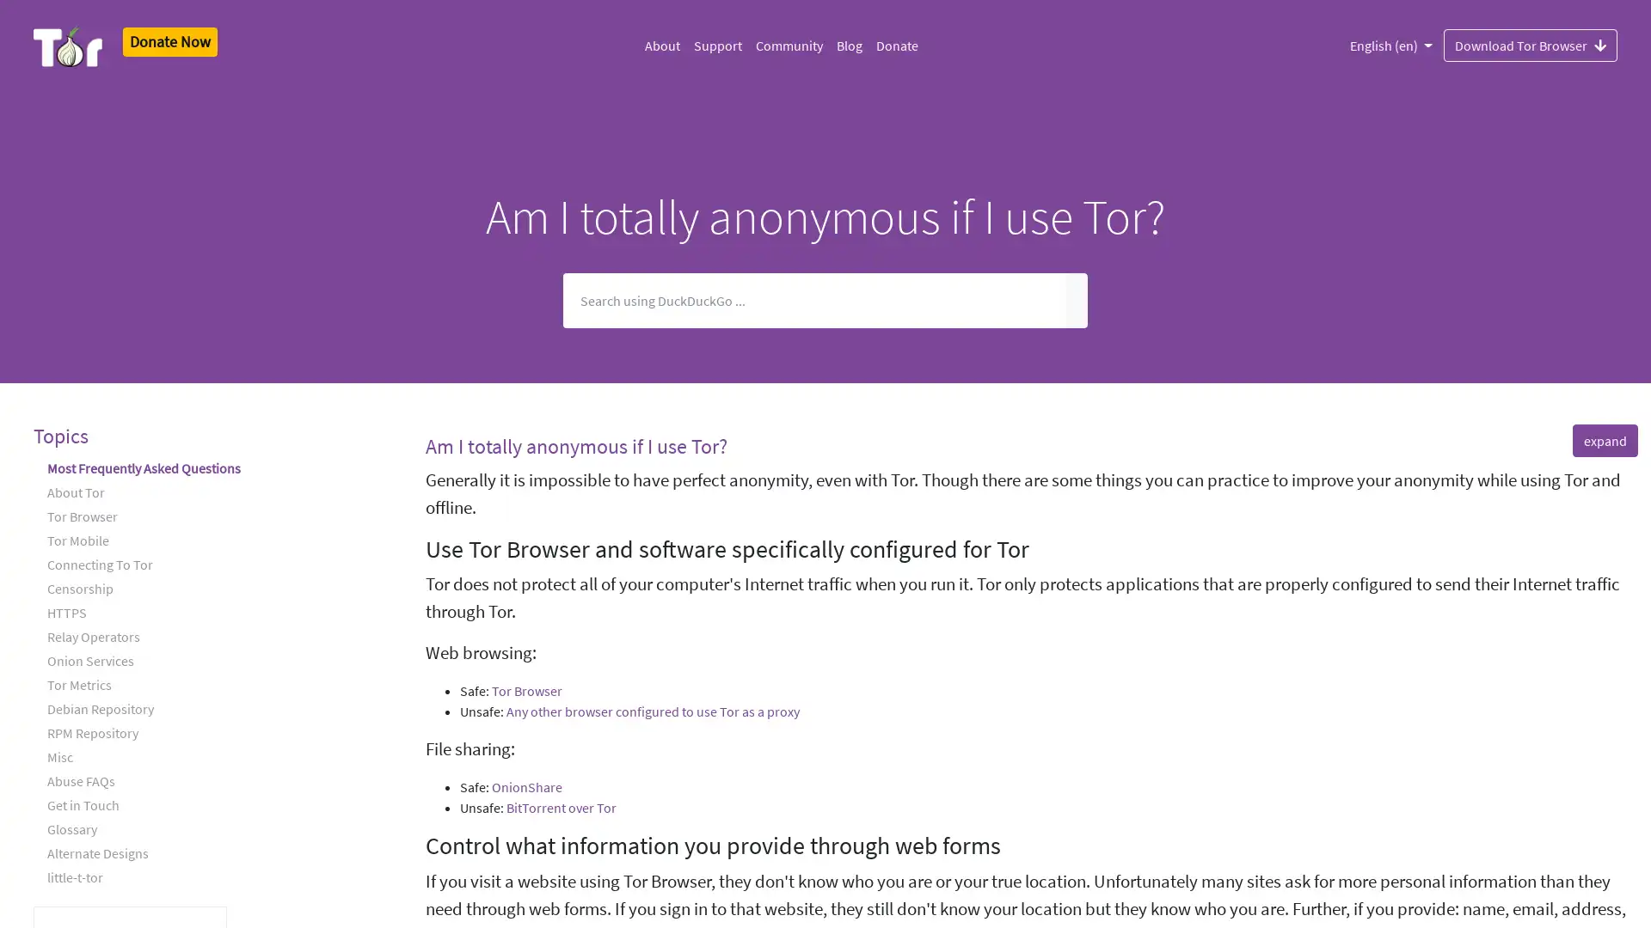 The width and height of the screenshot is (1651, 928). What do you see at coordinates (212, 708) in the screenshot?
I see `Debian Repository` at bounding box center [212, 708].